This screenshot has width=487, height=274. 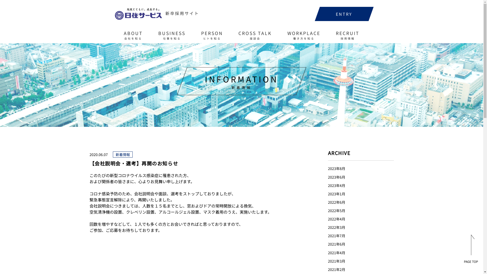 I want to click on 'PAGE TOP', so click(x=471, y=248).